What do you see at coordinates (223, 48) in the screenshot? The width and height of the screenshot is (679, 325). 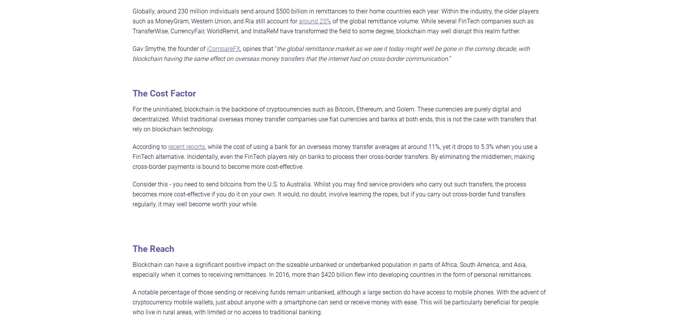 I see `'iCompareFX'` at bounding box center [223, 48].